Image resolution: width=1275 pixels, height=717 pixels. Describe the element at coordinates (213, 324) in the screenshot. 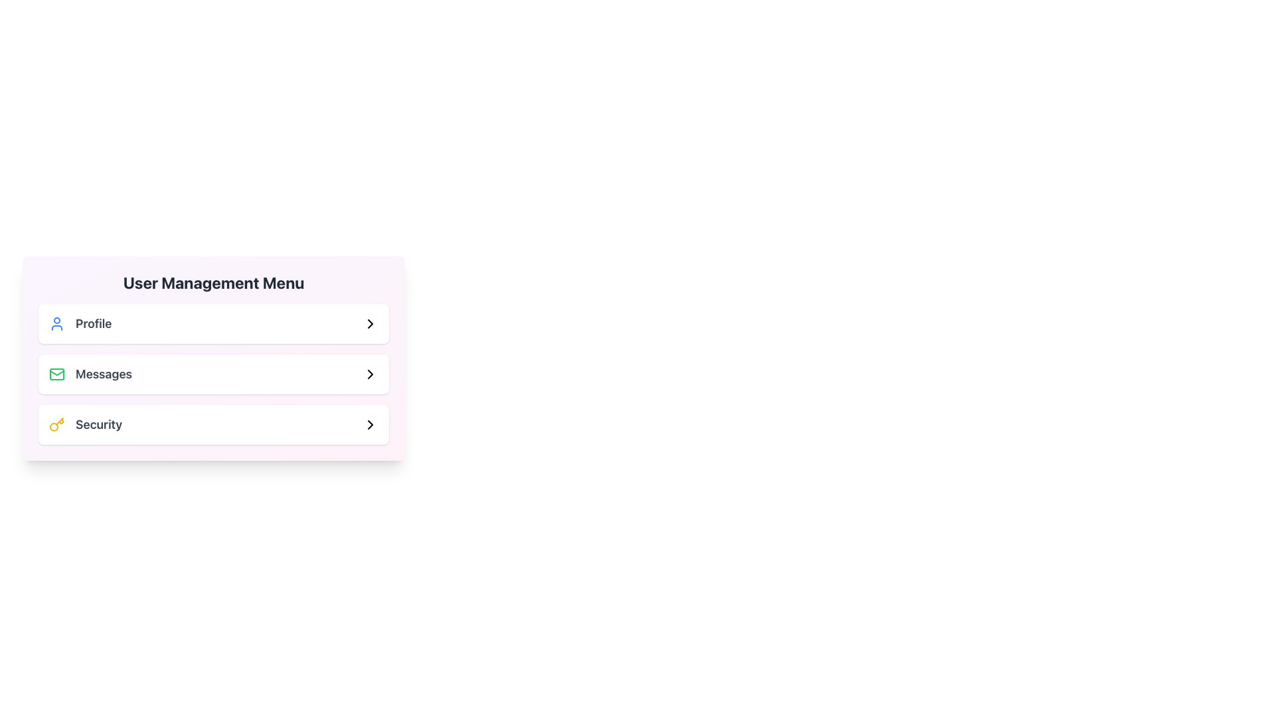

I see `the first button in the 'User Management Menu'` at that location.